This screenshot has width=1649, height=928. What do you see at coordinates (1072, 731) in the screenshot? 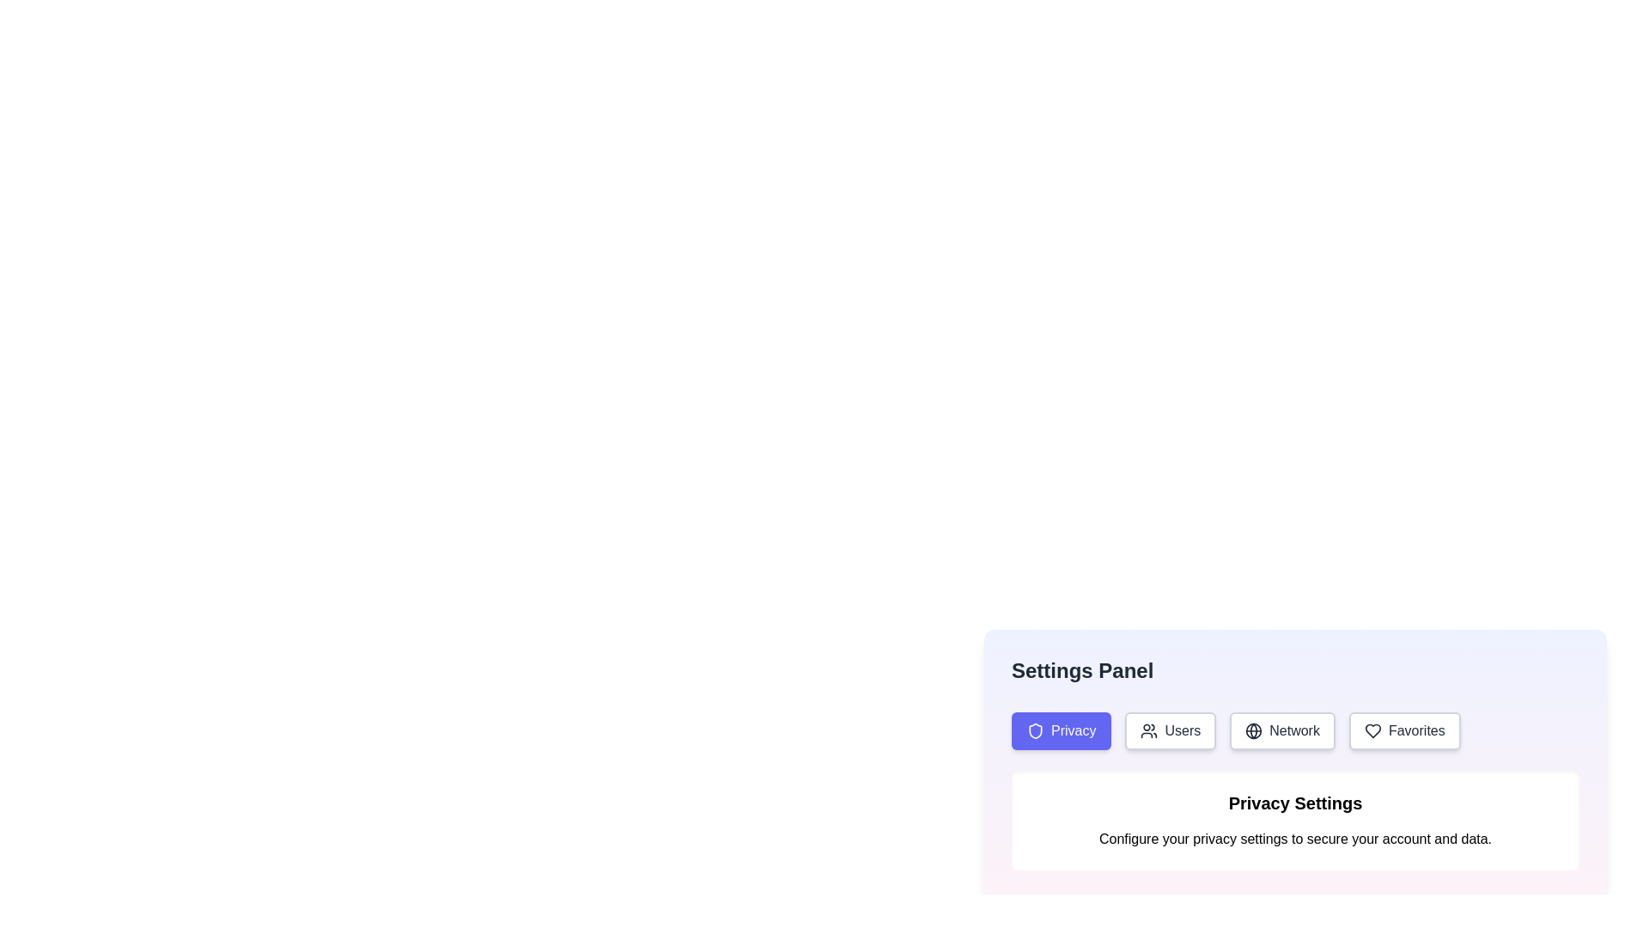
I see `the button labeled with a privacy-related setting, which is the first button from the left, distinguished by its blue background and white border, located below the 'Settings Panel' heading` at bounding box center [1072, 731].